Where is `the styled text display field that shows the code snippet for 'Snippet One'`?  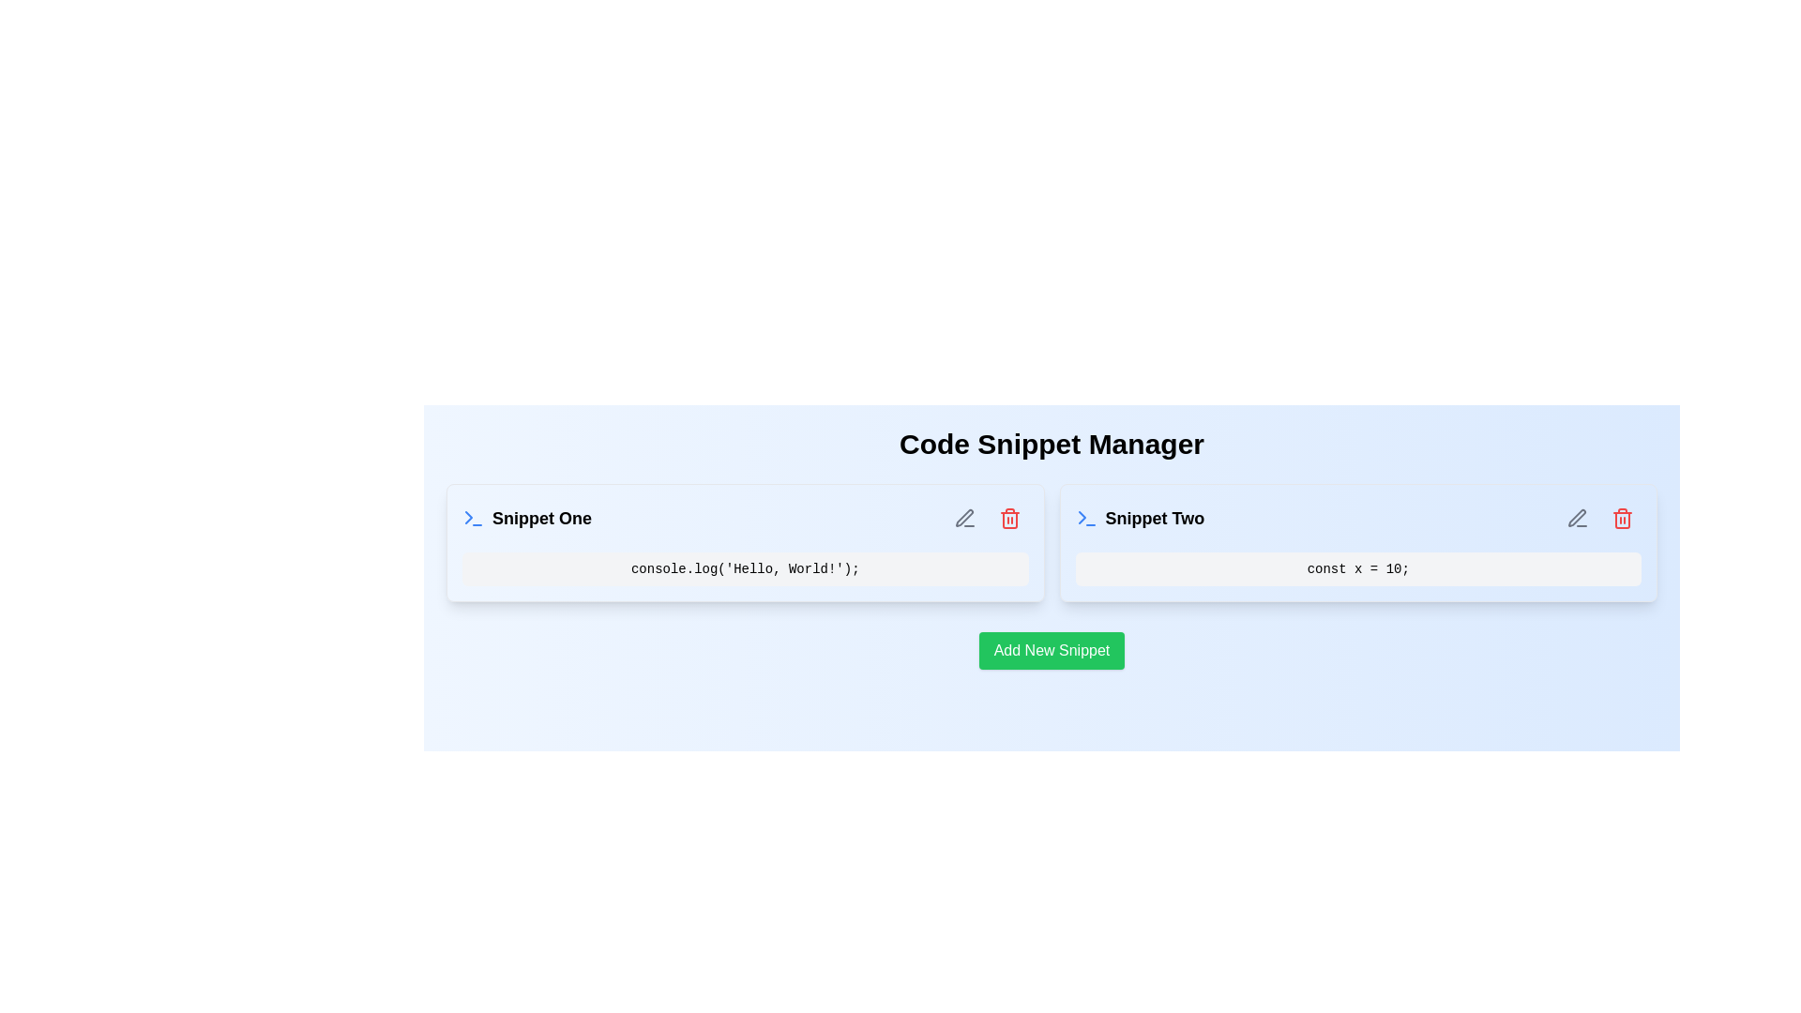
the styled text display field that shows the code snippet for 'Snippet One' is located at coordinates (744, 567).